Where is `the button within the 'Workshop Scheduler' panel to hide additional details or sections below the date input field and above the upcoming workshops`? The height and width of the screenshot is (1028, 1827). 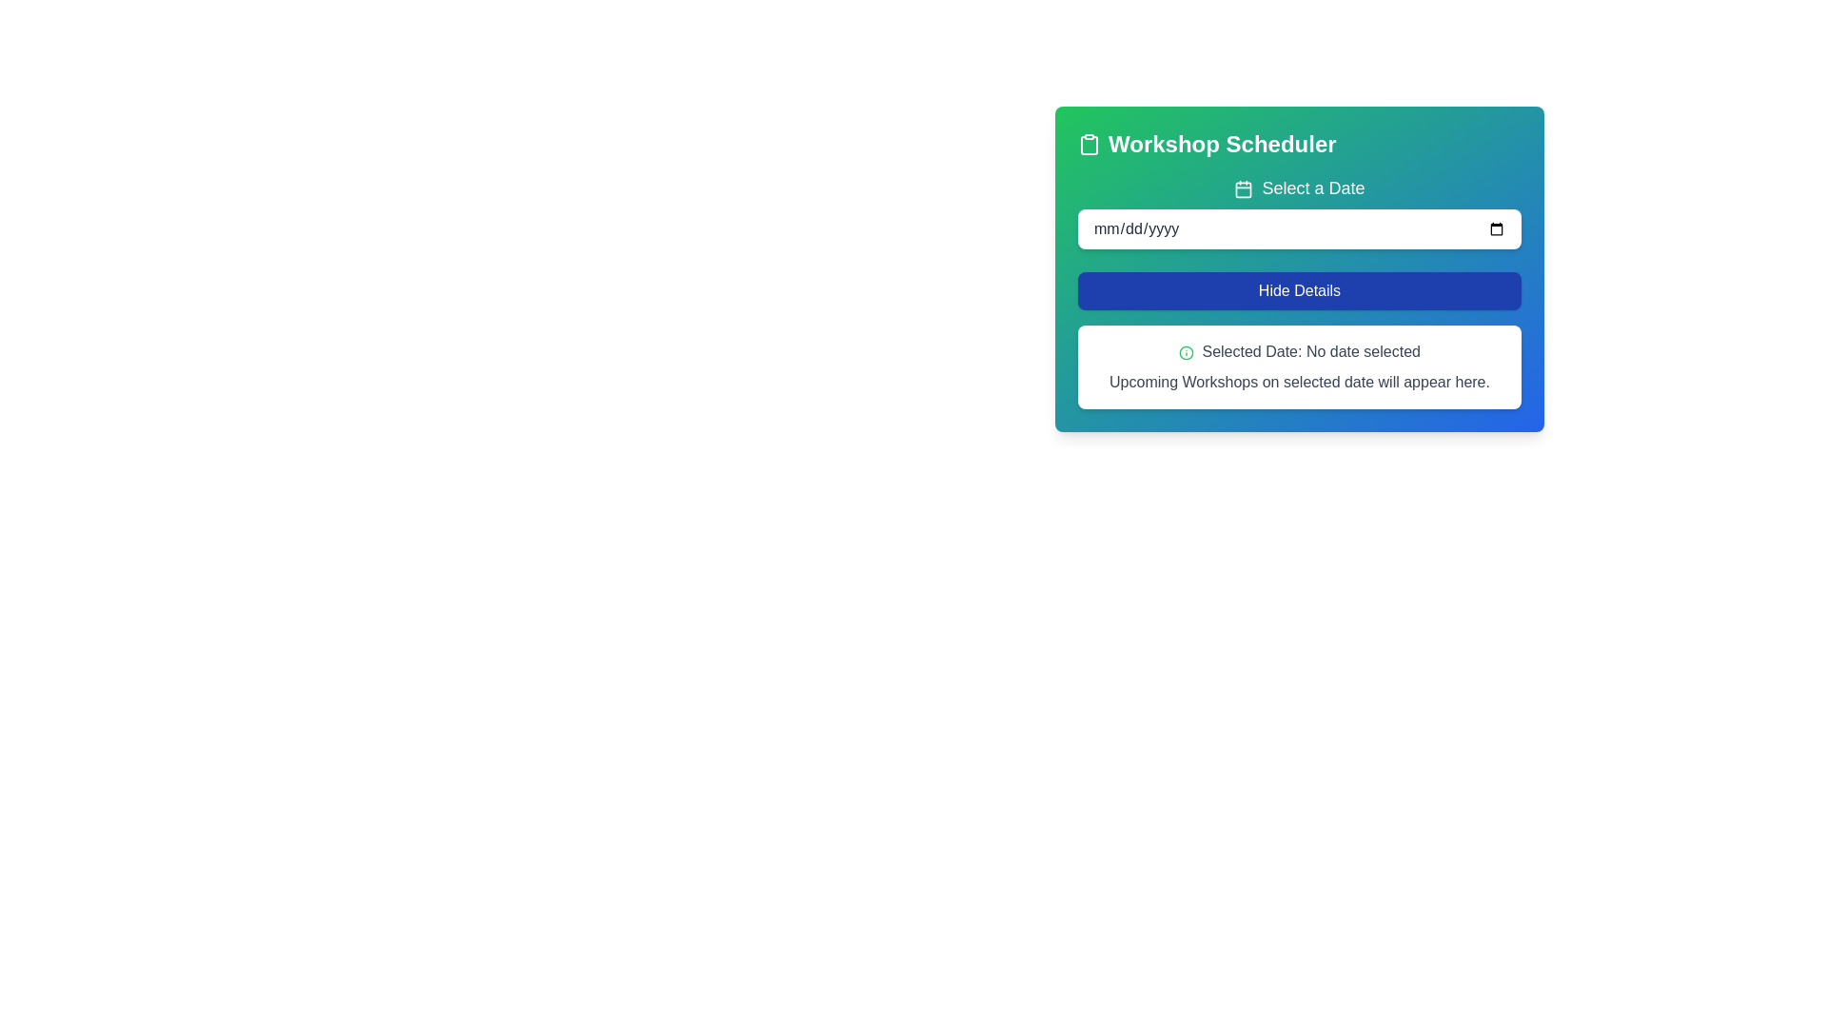 the button within the 'Workshop Scheduler' panel to hide additional details or sections below the date input field and above the upcoming workshops is located at coordinates (1299, 290).